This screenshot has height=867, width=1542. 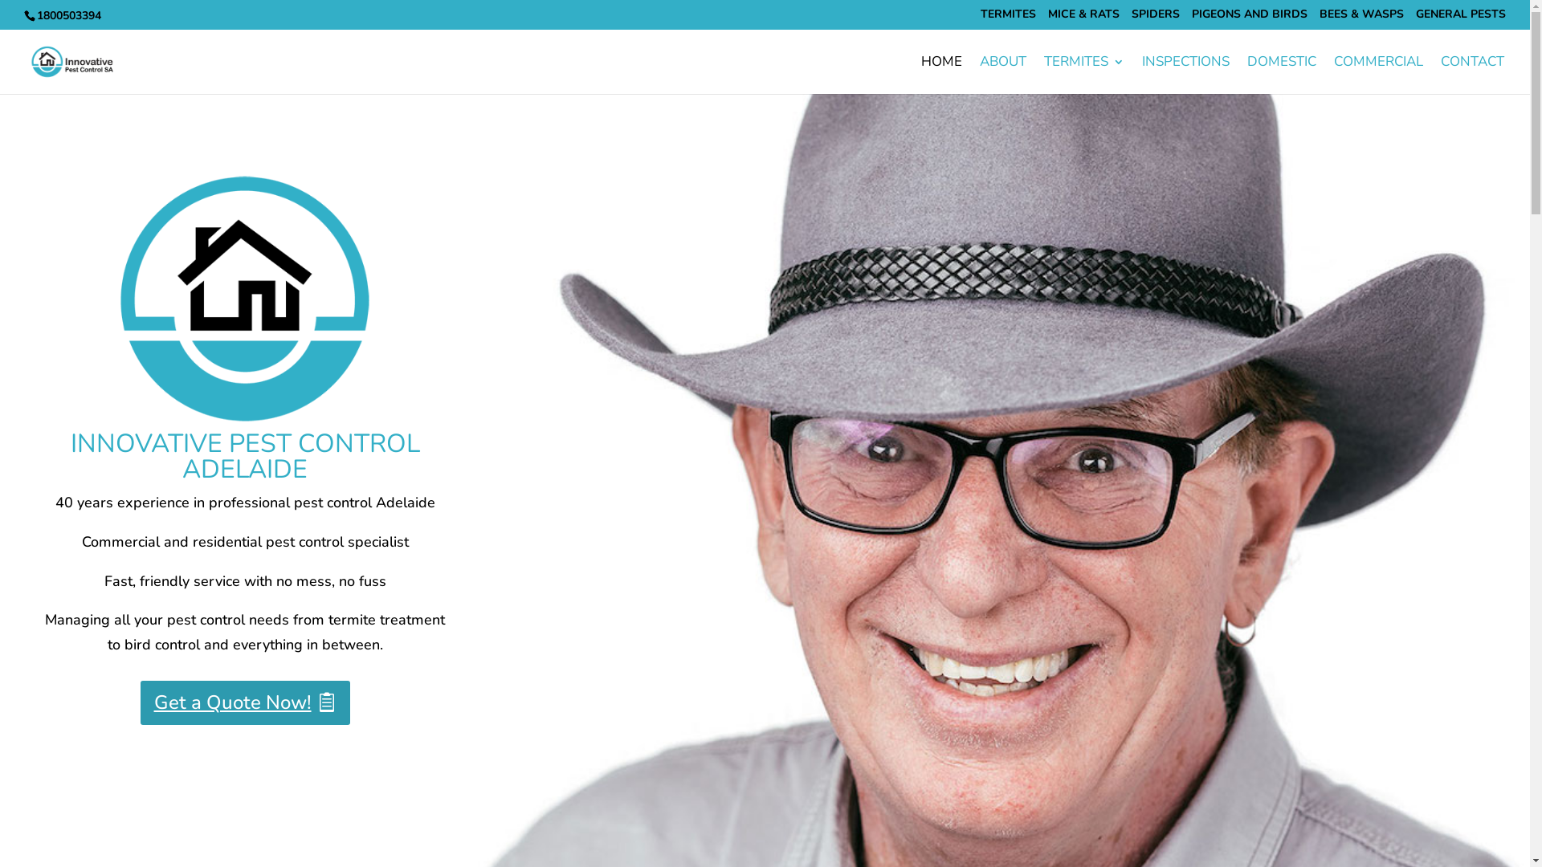 What do you see at coordinates (1001, 75) in the screenshot?
I see `'ABOUT'` at bounding box center [1001, 75].